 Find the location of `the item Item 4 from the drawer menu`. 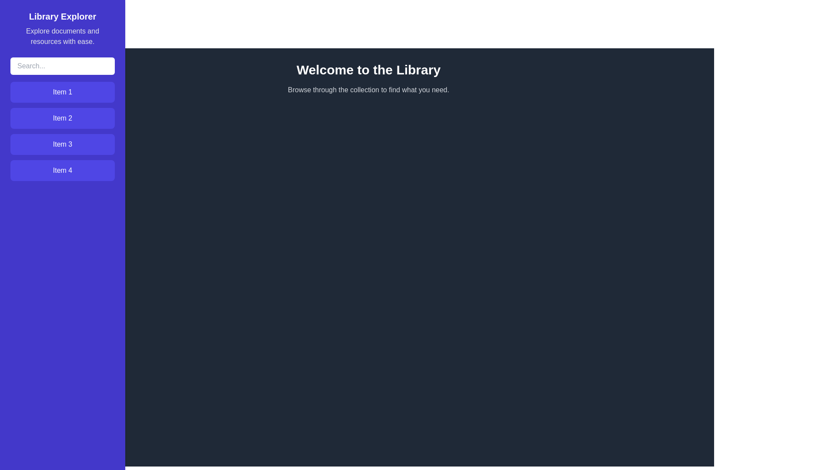

the item Item 4 from the drawer menu is located at coordinates (62, 171).